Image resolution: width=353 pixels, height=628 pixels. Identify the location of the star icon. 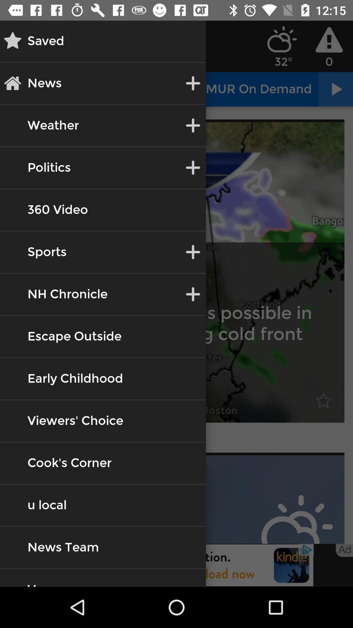
(24, 44).